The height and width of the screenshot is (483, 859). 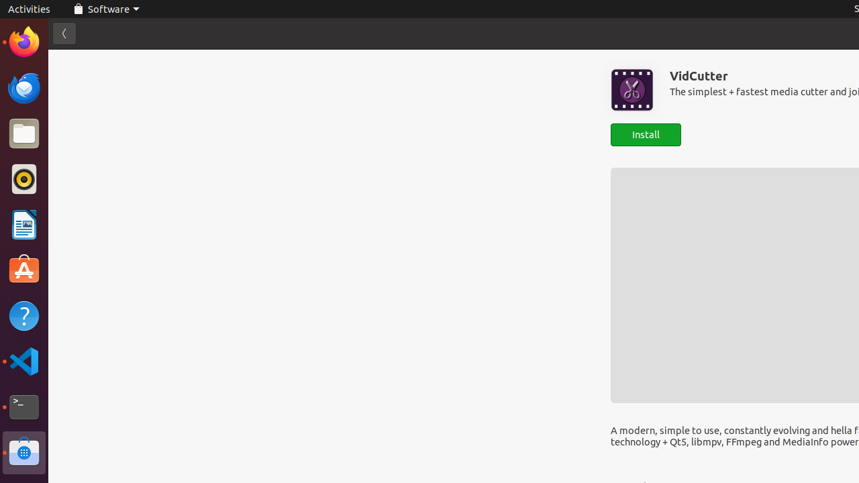 What do you see at coordinates (646, 135) in the screenshot?
I see `'Install'` at bounding box center [646, 135].